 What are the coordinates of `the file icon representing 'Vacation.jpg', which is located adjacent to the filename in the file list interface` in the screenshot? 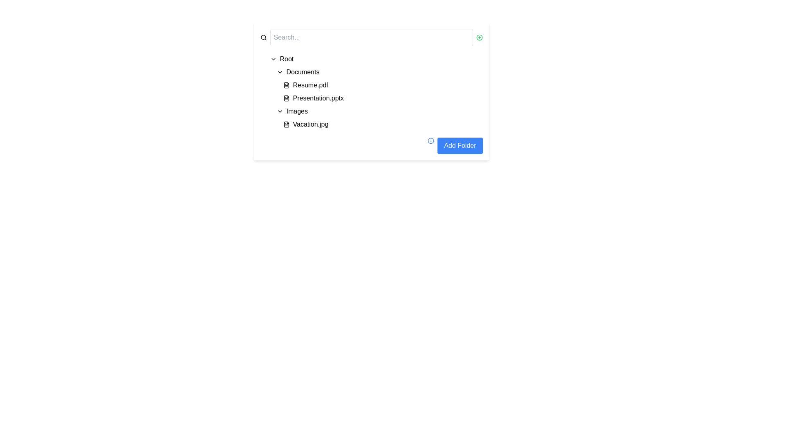 It's located at (286, 124).